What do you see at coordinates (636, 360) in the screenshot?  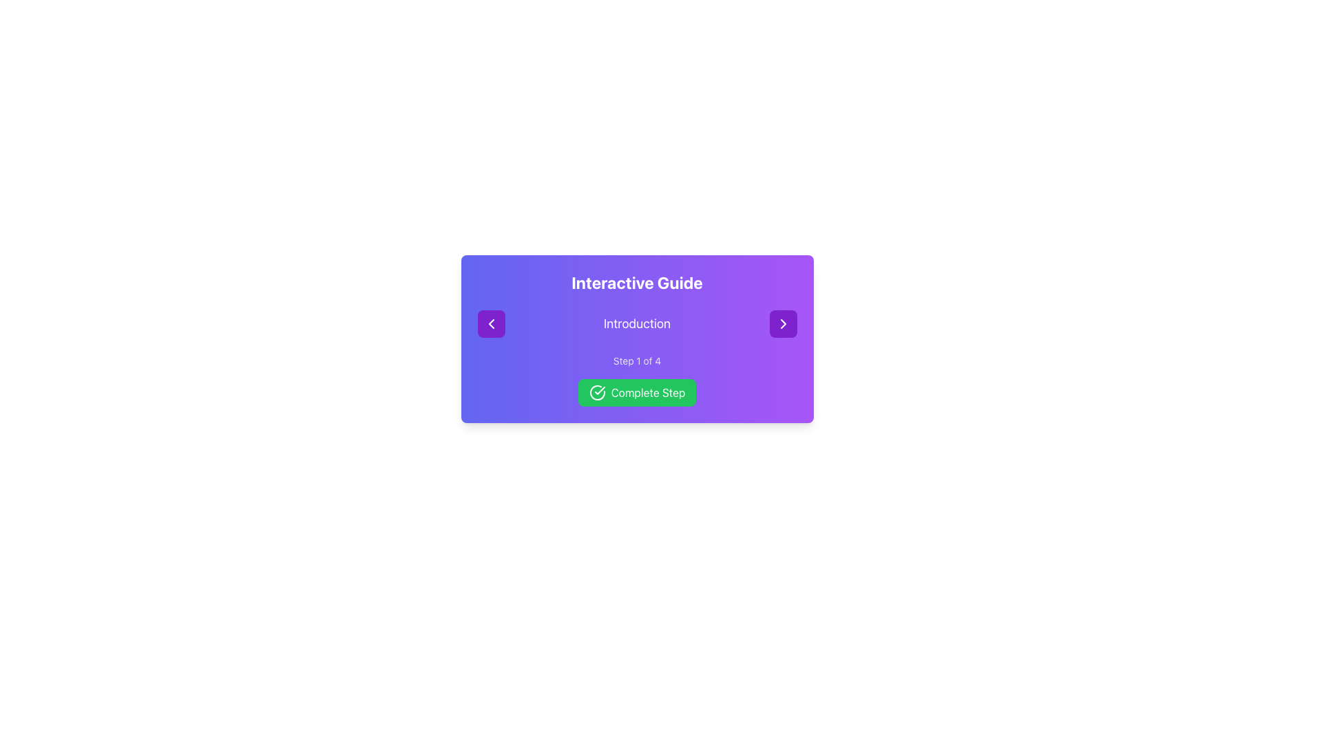 I see `the text display element that shows the user's current progress within a sequence, positioned centrally between the 'Introduction' text and the 'Complete Step' button` at bounding box center [636, 360].